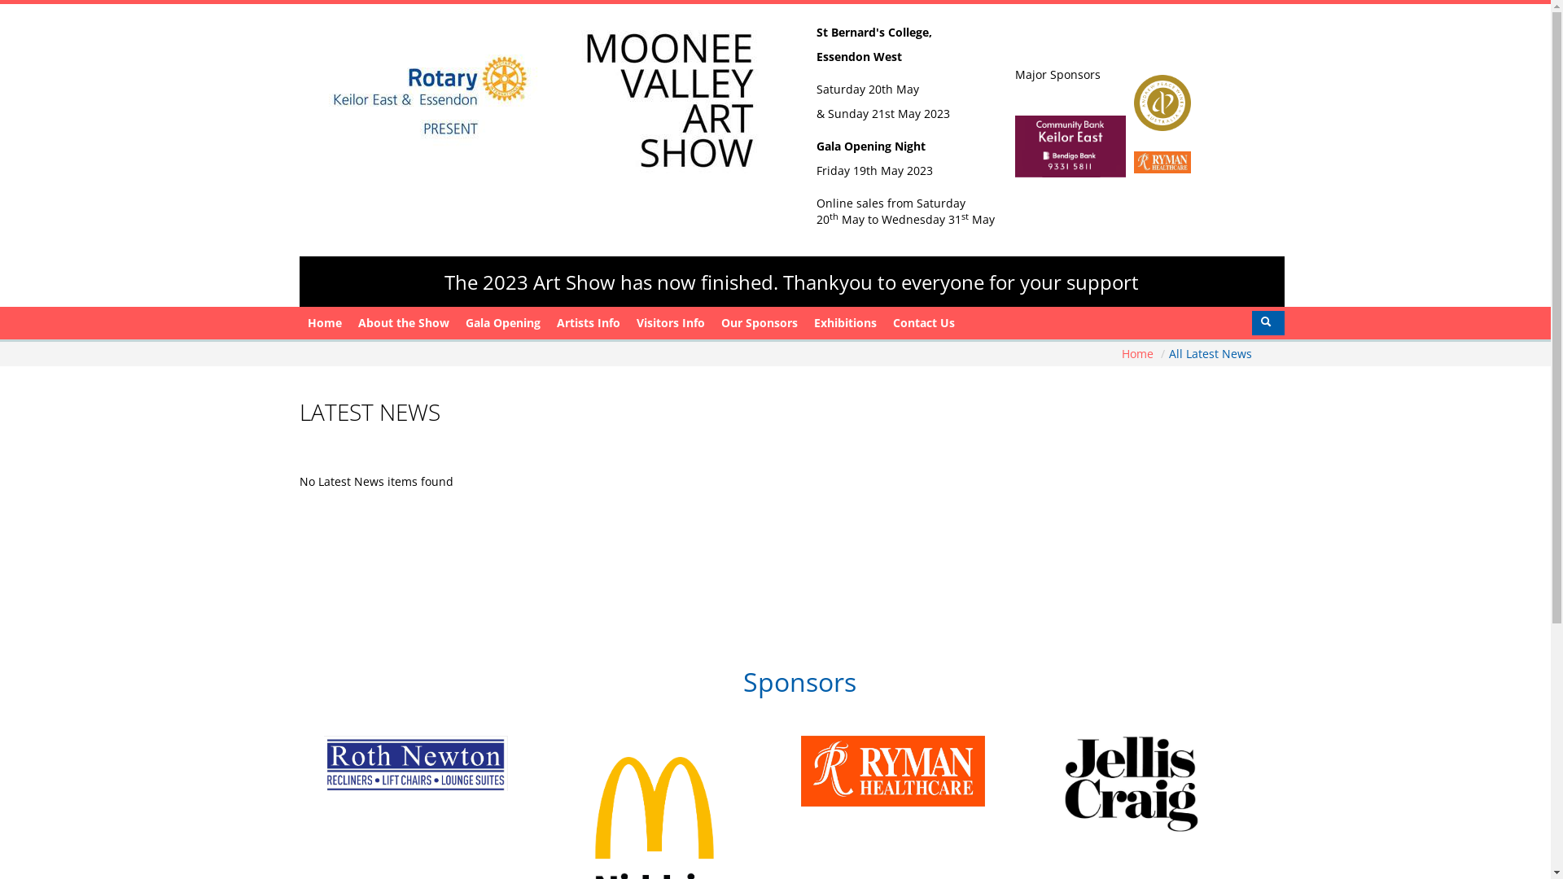 This screenshot has height=879, width=1563. What do you see at coordinates (502, 323) in the screenshot?
I see `'Gala Opening'` at bounding box center [502, 323].